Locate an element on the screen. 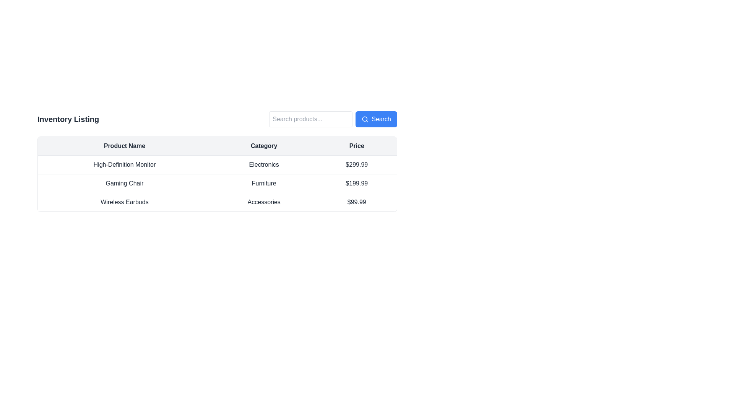 This screenshot has height=413, width=734. text content of the category label 'Furniture' located in the second row under the 'Category' column of the table, positioned between the 'Product Name' and 'Price' columns is located at coordinates (264, 183).